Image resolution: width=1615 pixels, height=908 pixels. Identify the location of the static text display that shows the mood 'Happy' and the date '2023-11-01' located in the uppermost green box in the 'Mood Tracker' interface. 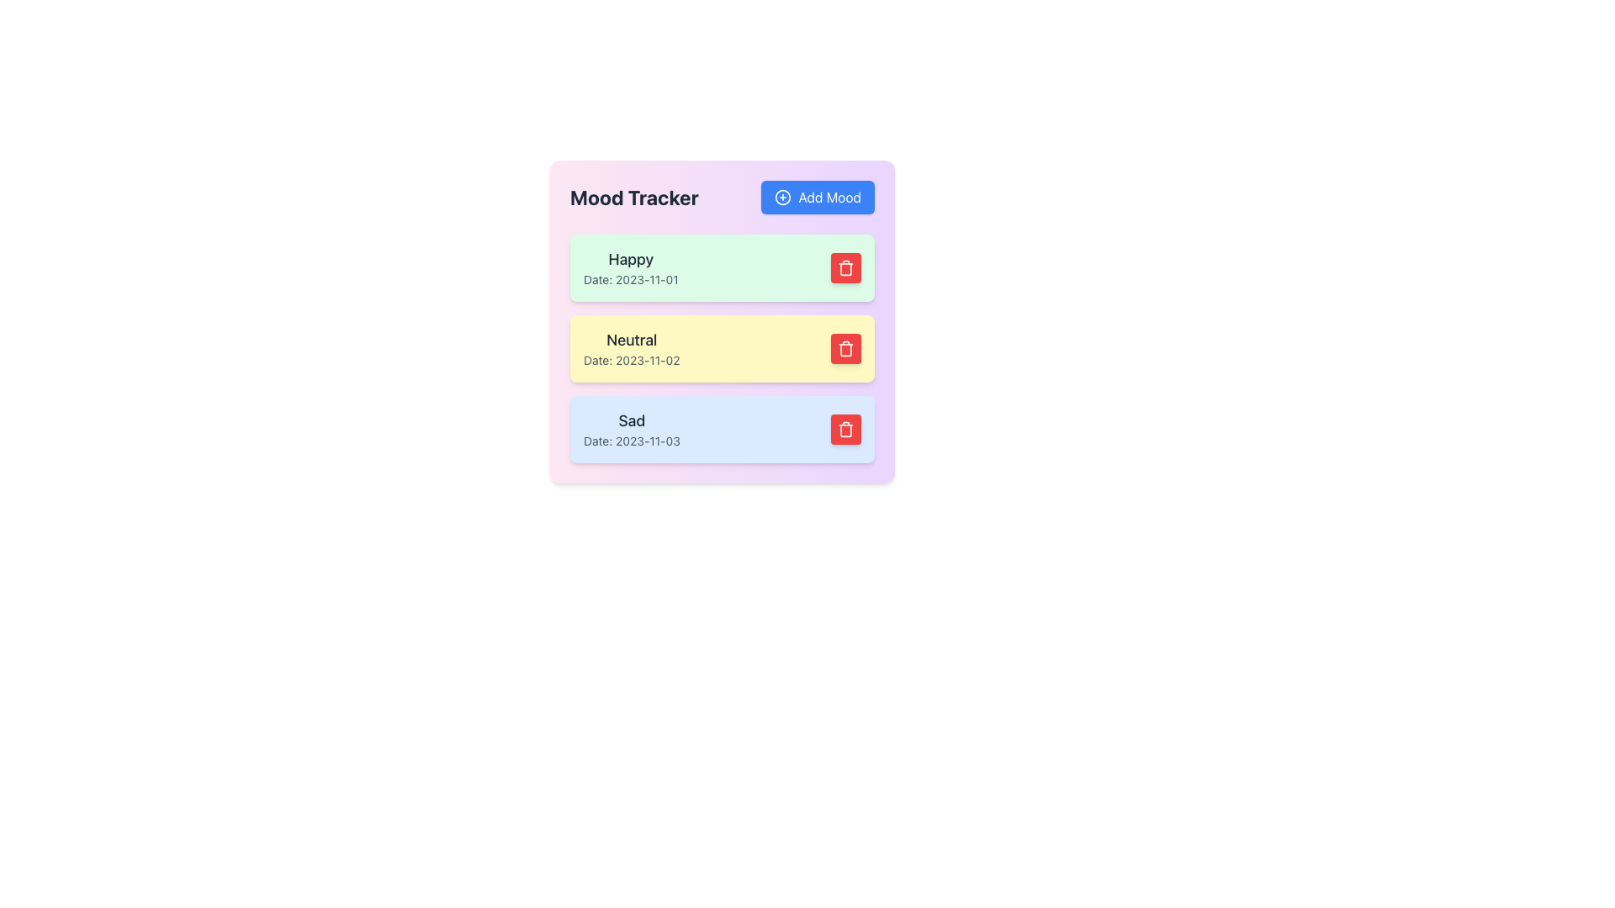
(630, 267).